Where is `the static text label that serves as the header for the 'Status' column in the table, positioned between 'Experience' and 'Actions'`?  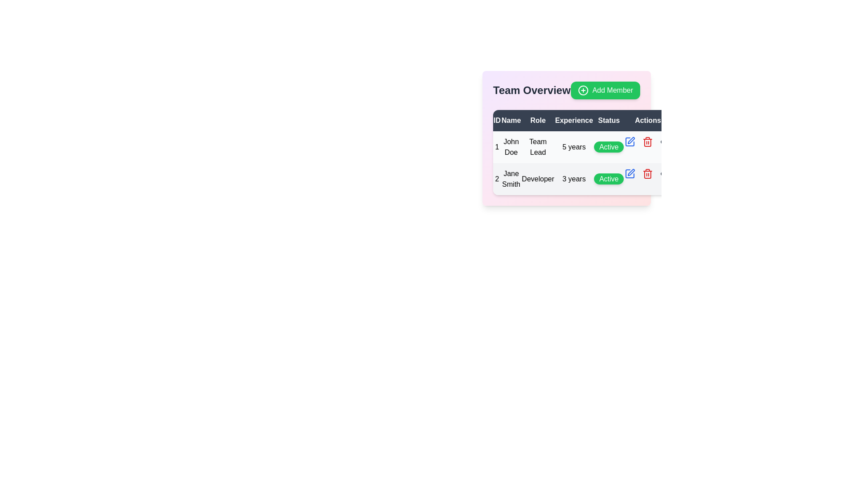
the static text label that serves as the header for the 'Status' column in the table, positioned between 'Experience' and 'Actions' is located at coordinates (608, 121).